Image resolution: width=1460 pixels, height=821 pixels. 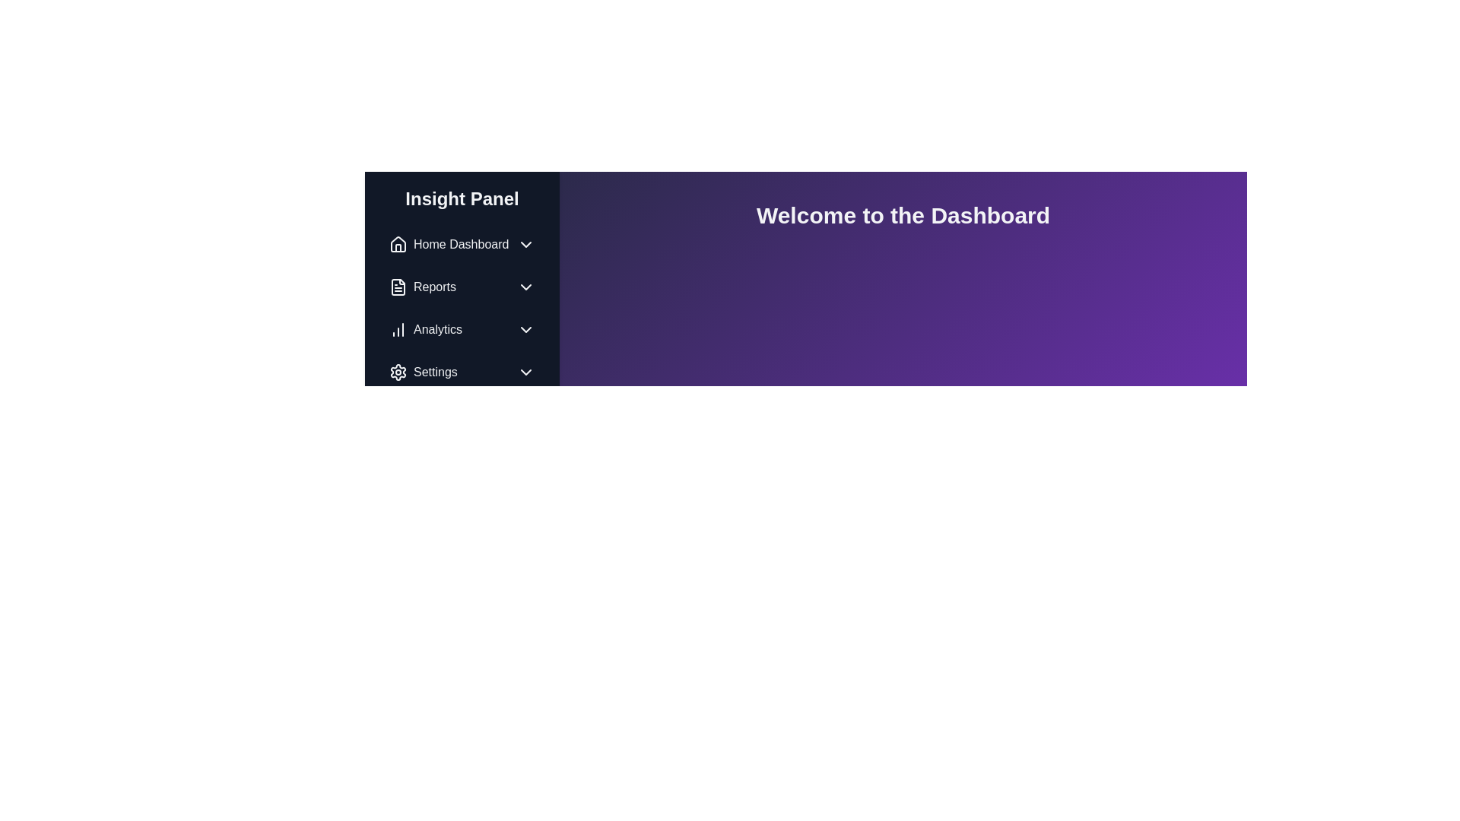 I want to click on the 'Settings' menu item located at the bottom of the sidebar, so click(x=462, y=372).